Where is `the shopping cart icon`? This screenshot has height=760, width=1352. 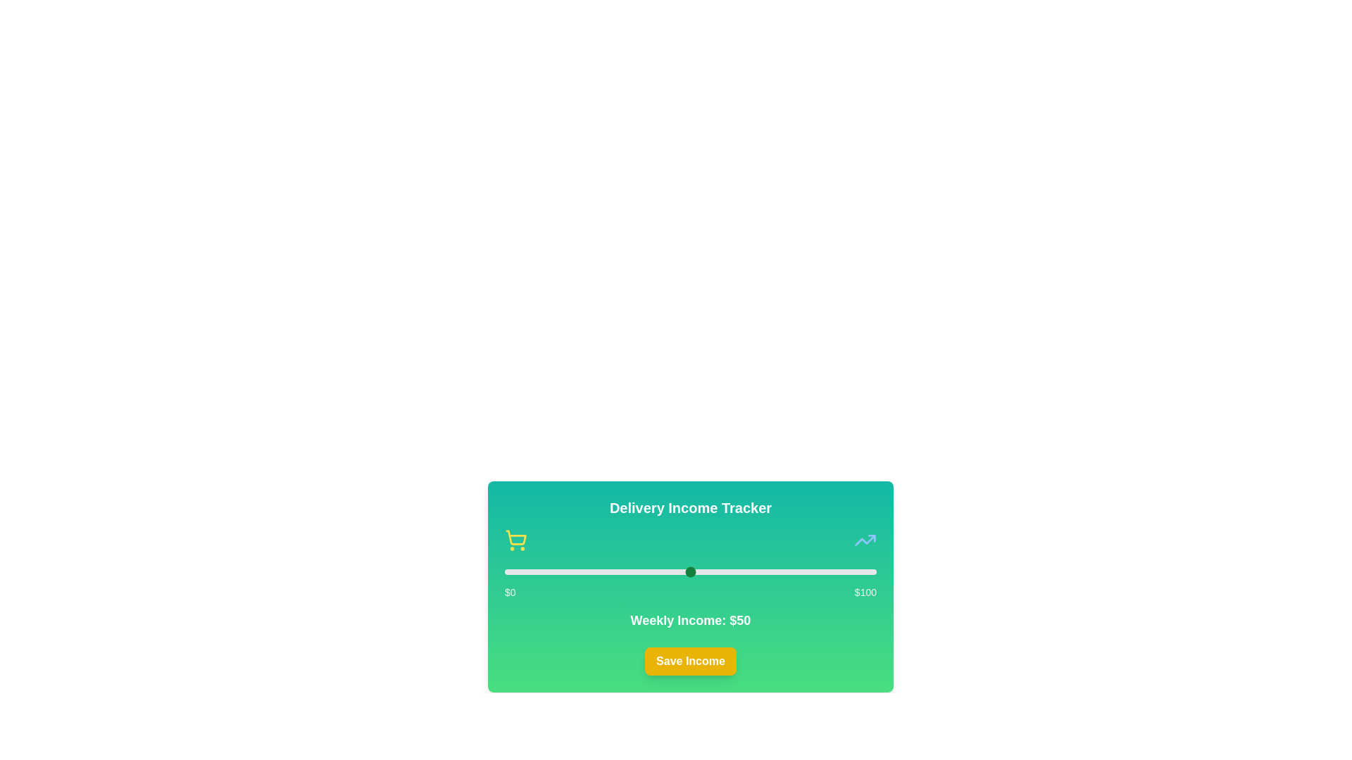
the shopping cart icon is located at coordinates (515, 539).